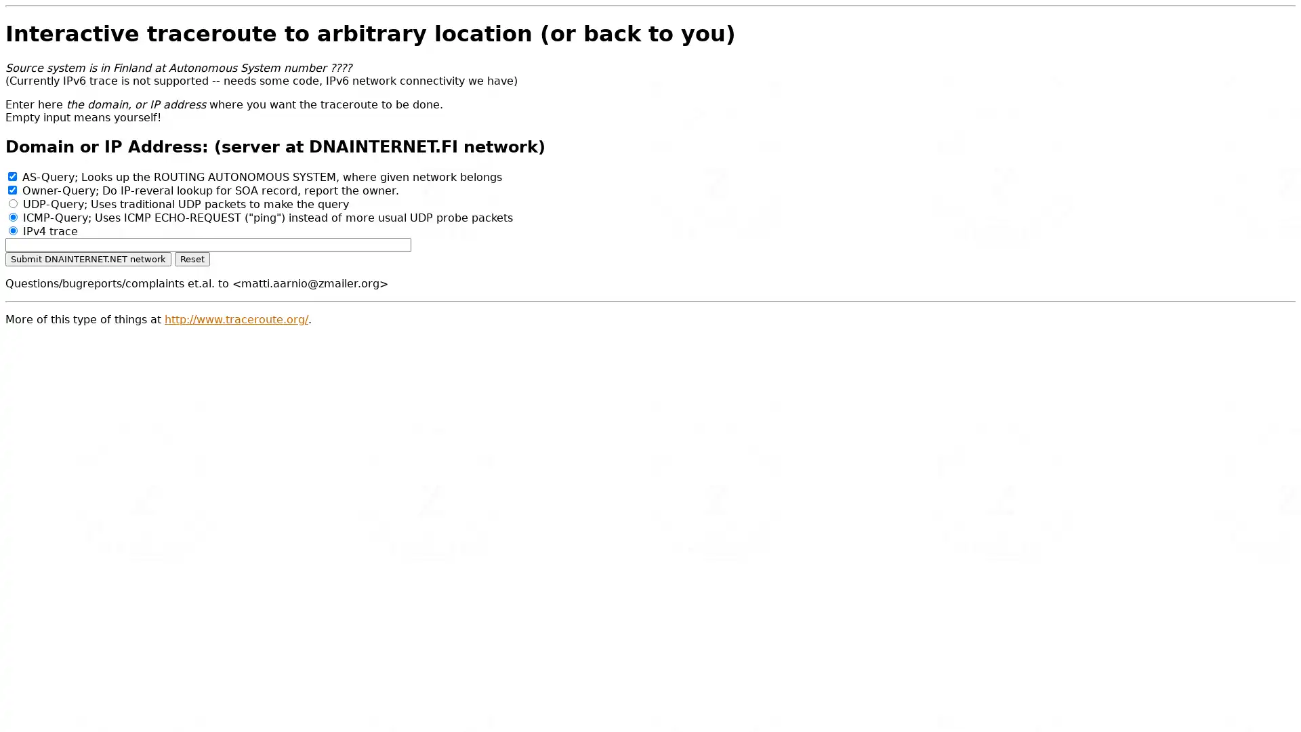 The height and width of the screenshot is (732, 1301). I want to click on Reset, so click(191, 258).